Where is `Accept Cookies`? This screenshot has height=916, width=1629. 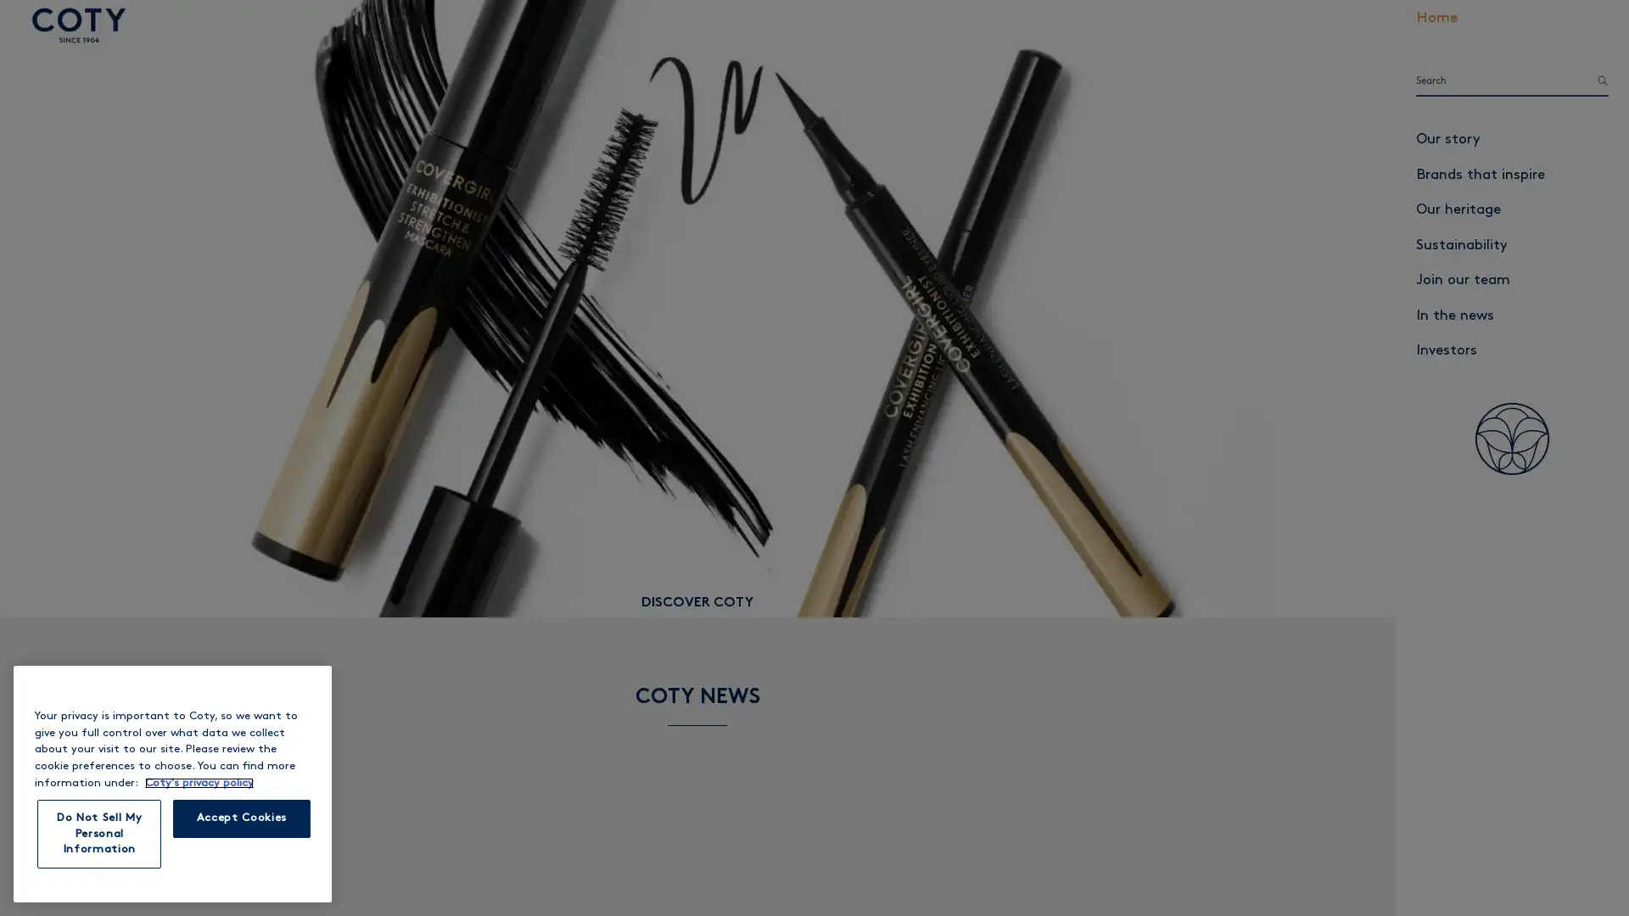 Accept Cookies is located at coordinates (240, 817).